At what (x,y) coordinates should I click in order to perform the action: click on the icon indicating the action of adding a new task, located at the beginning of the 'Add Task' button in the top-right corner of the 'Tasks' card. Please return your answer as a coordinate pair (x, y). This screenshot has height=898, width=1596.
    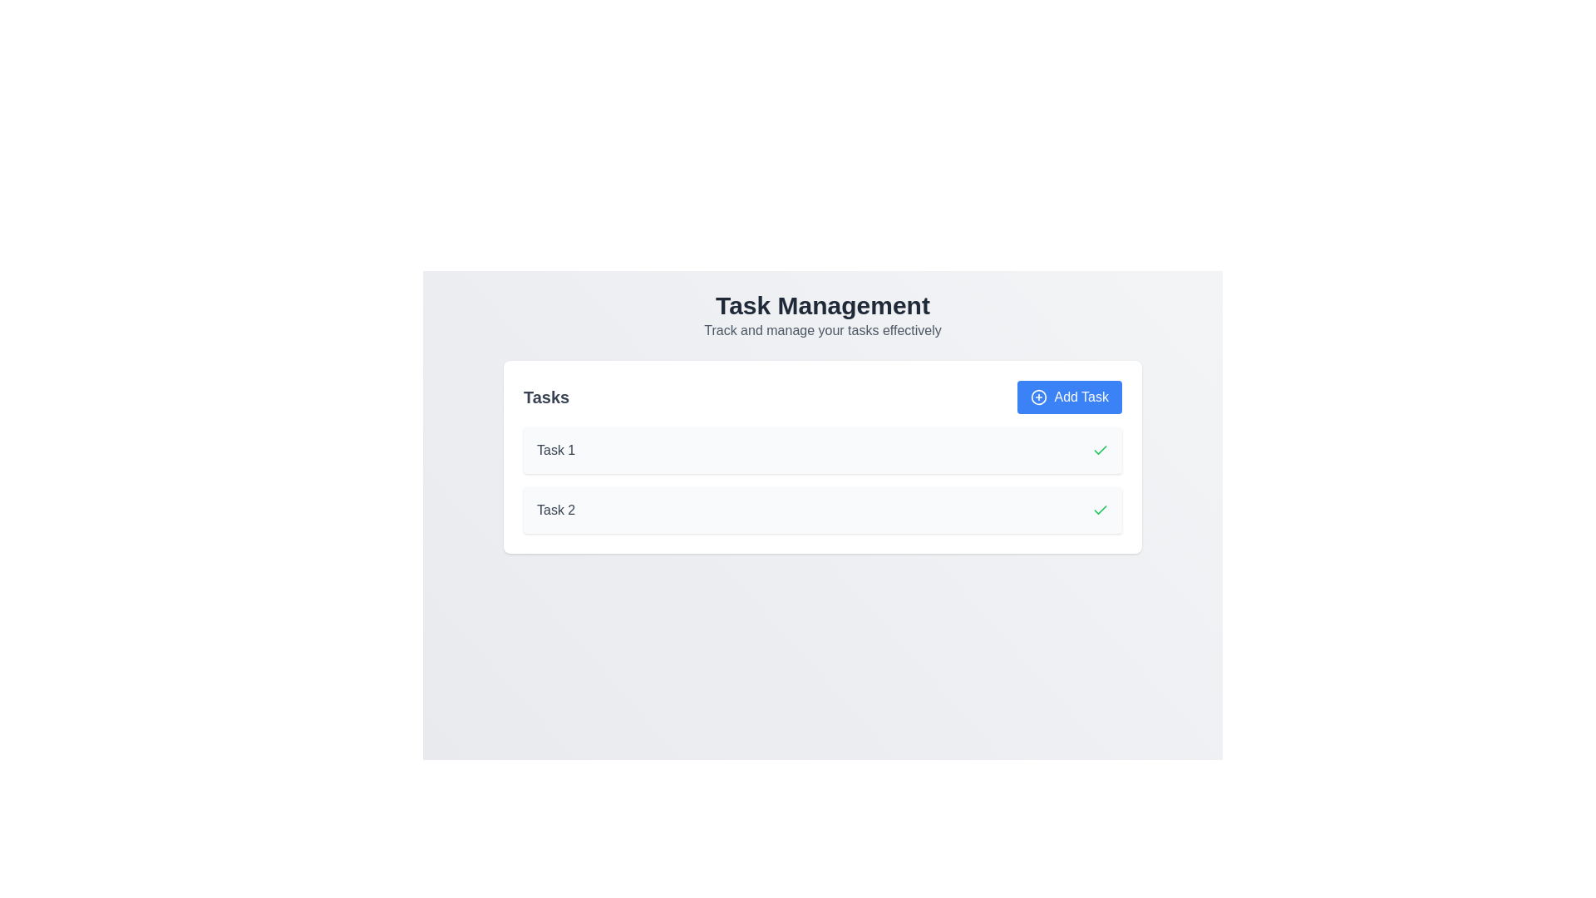
    Looking at the image, I should click on (1038, 397).